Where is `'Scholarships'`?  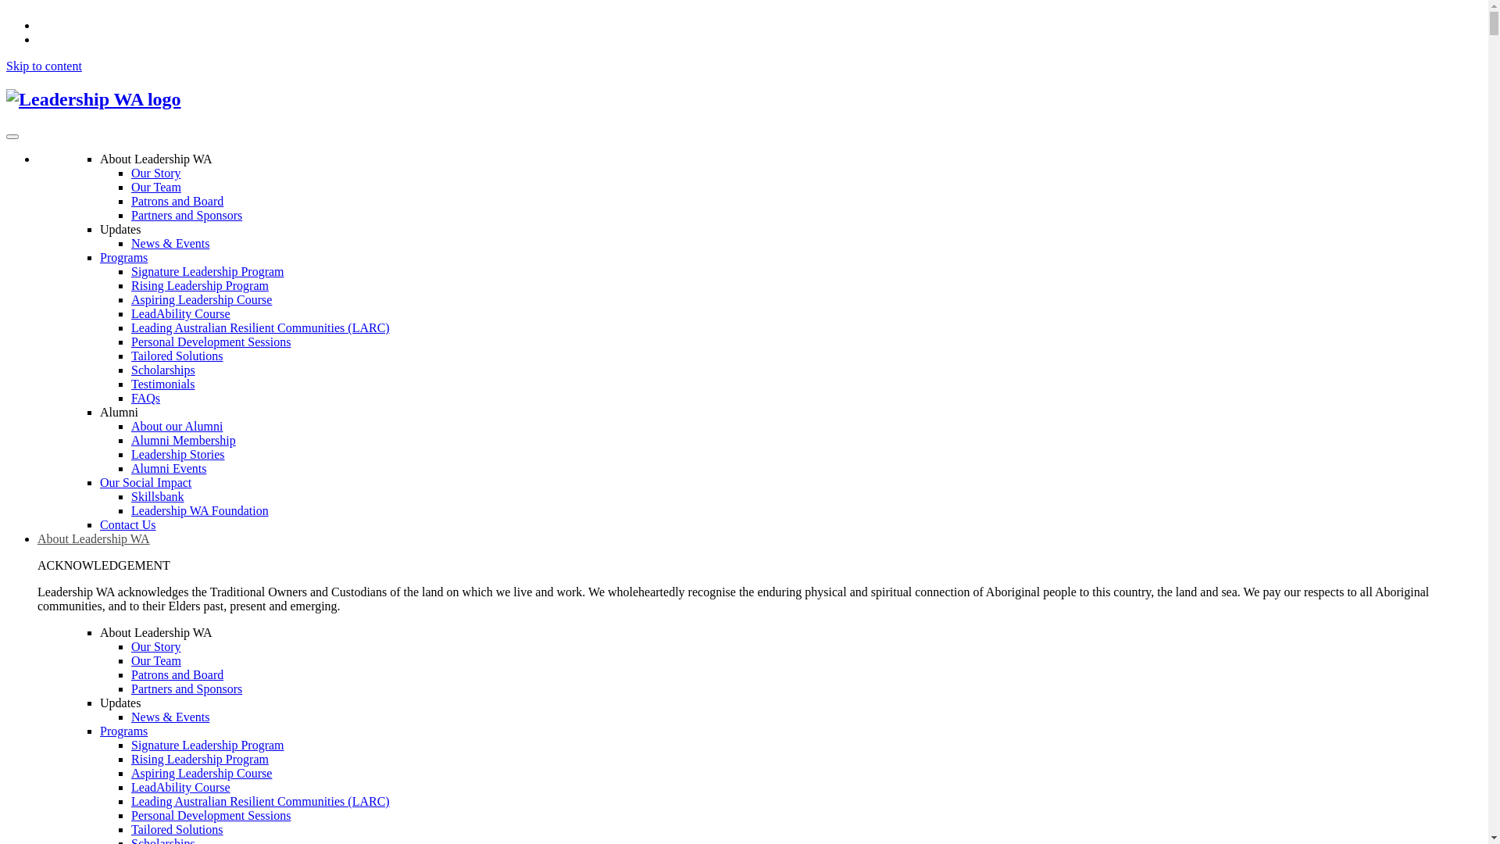
'Scholarships' is located at coordinates (131, 370).